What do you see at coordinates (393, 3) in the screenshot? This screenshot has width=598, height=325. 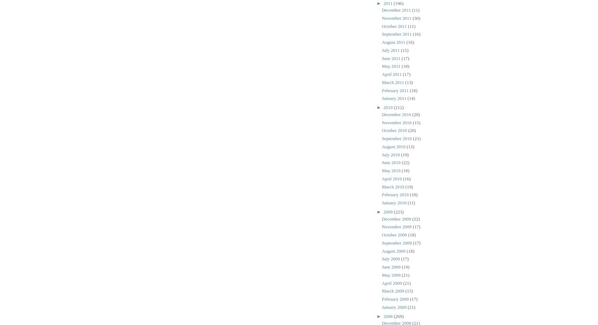 I see `'(196)'` at bounding box center [393, 3].